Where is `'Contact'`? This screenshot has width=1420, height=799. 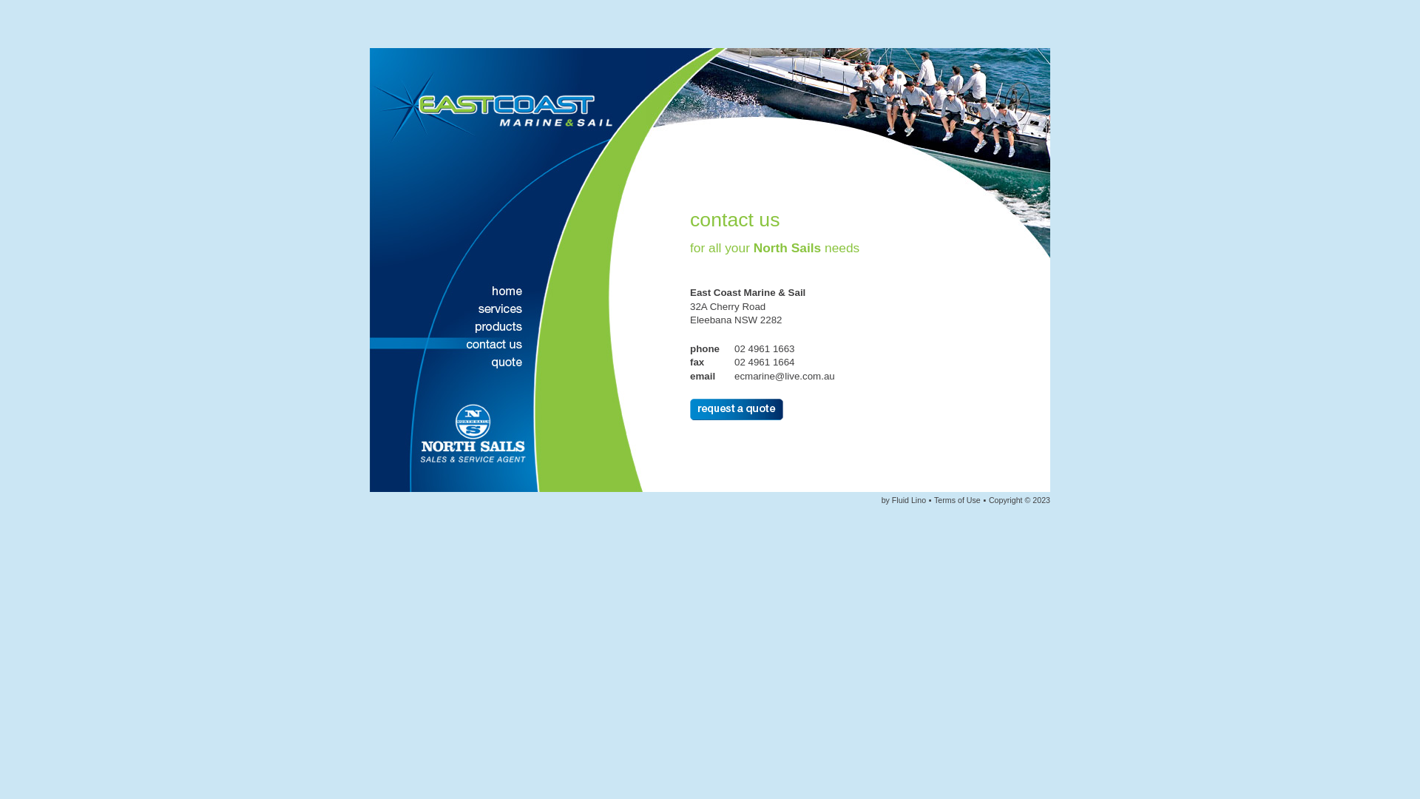 'Contact' is located at coordinates (448, 345).